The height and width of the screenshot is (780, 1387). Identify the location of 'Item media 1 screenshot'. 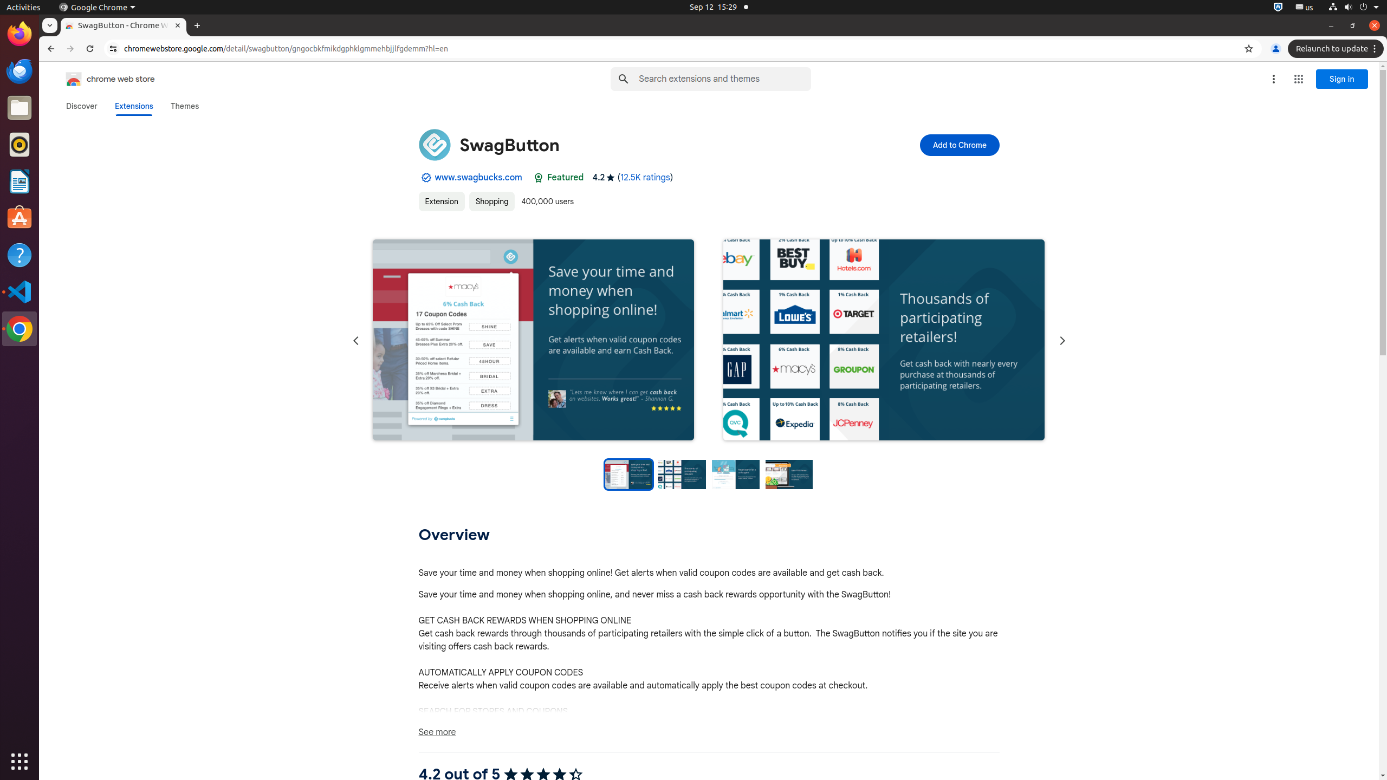
(534, 340).